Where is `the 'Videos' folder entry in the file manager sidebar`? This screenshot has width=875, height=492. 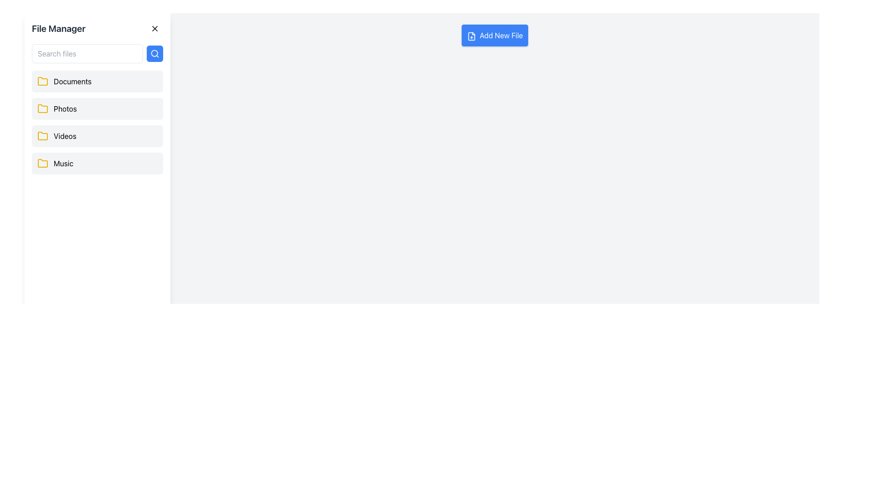 the 'Videos' folder entry in the file manager sidebar is located at coordinates (98, 136).